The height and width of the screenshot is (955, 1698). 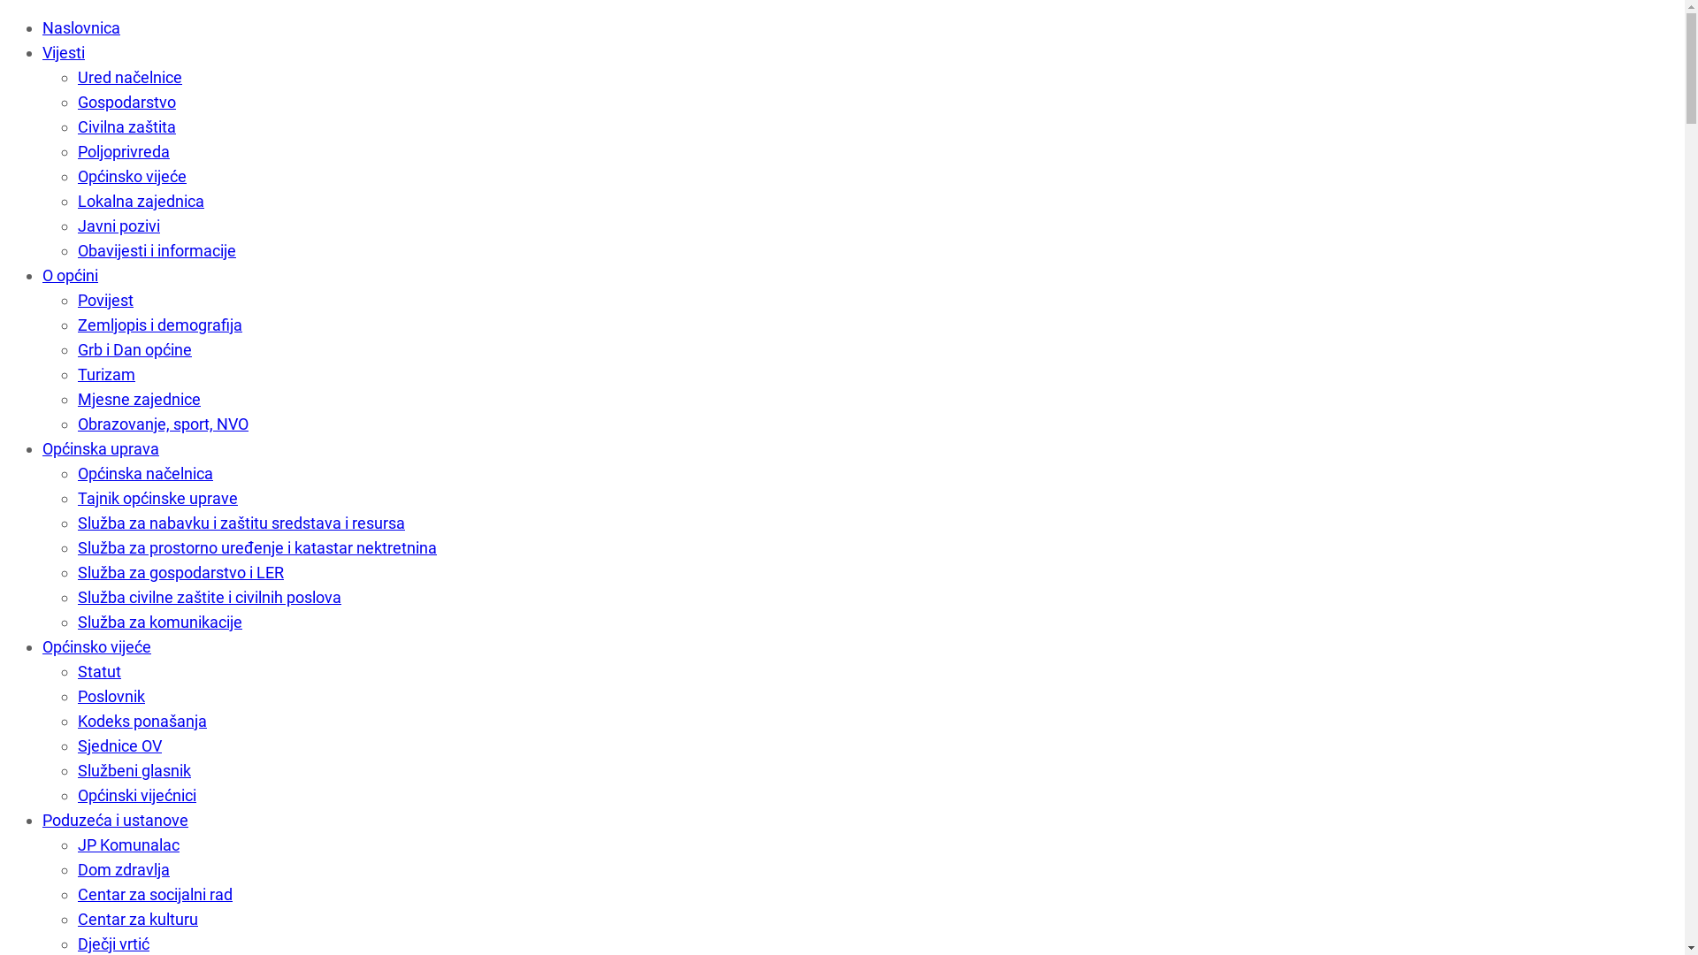 I want to click on 'Poljoprivreda', so click(x=122, y=150).